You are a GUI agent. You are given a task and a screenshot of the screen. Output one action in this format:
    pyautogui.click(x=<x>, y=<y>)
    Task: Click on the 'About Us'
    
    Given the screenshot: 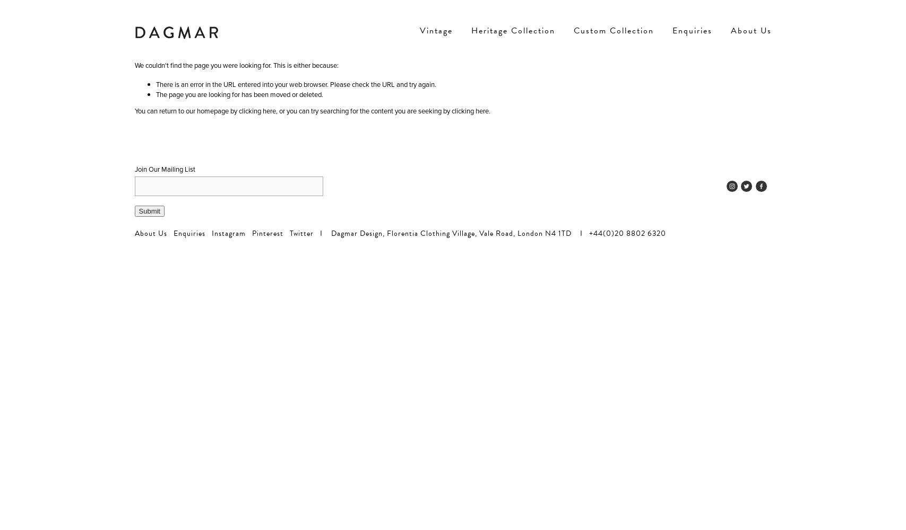 What is the action you would take?
    pyautogui.click(x=150, y=233)
    